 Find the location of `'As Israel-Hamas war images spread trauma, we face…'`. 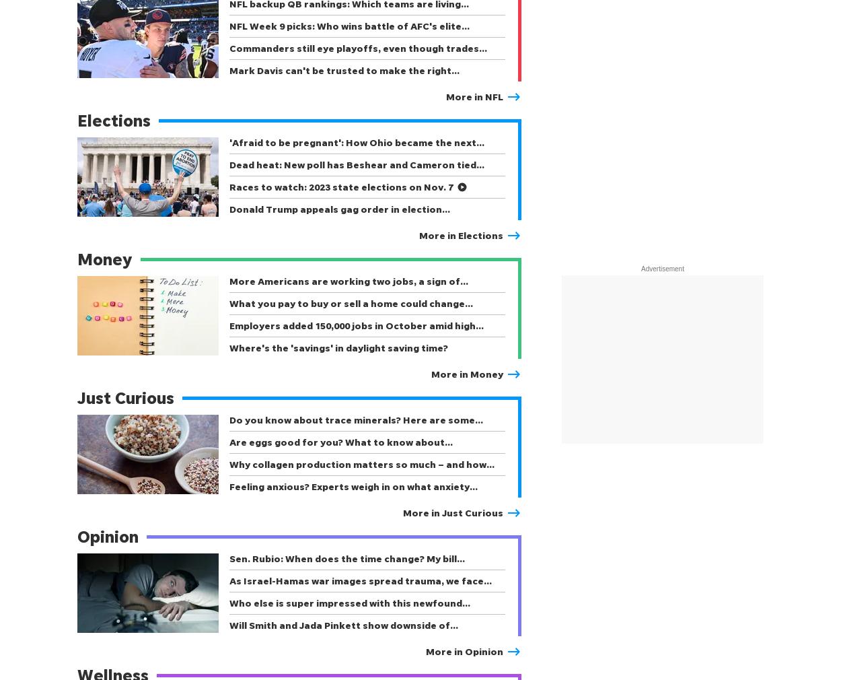

'As Israel-Hamas war images spread trauma, we face…' is located at coordinates (361, 580).